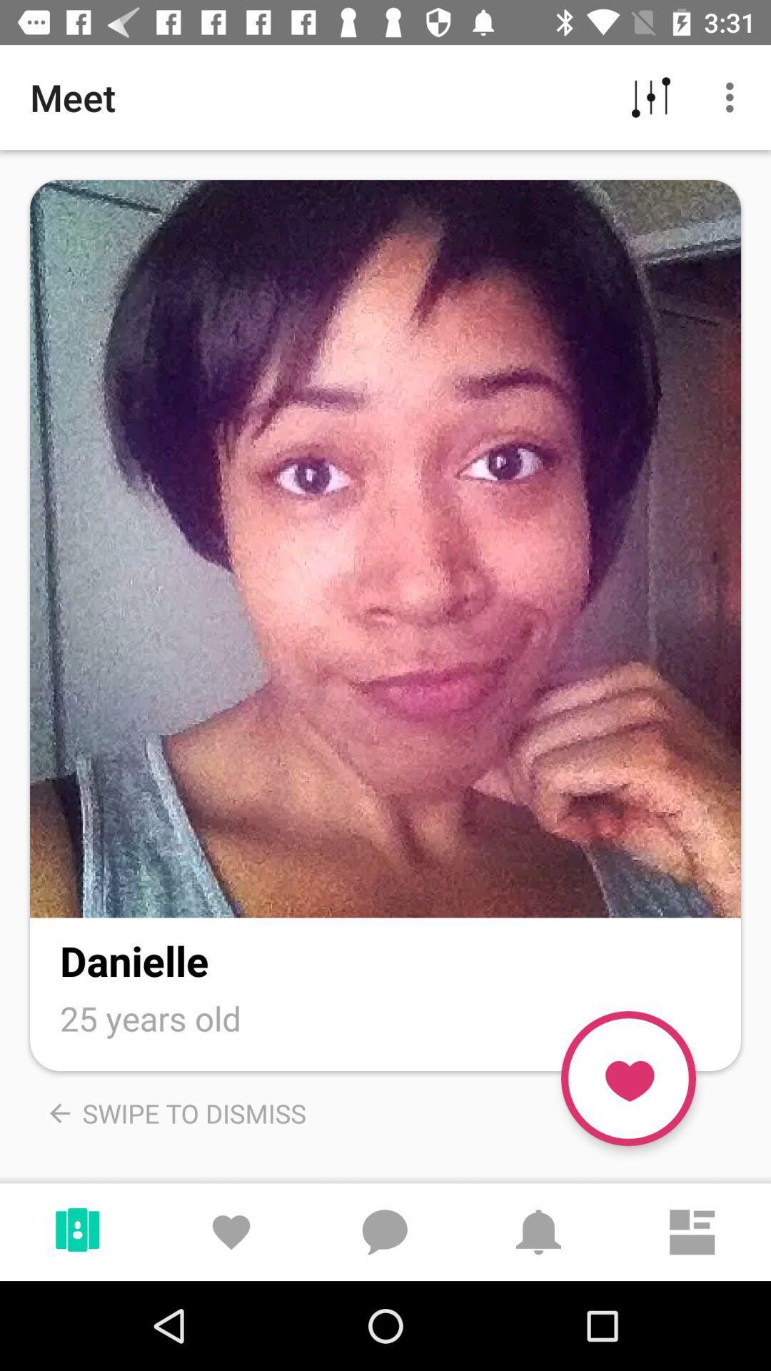  What do you see at coordinates (151, 1017) in the screenshot?
I see `the text under danielle` at bounding box center [151, 1017].